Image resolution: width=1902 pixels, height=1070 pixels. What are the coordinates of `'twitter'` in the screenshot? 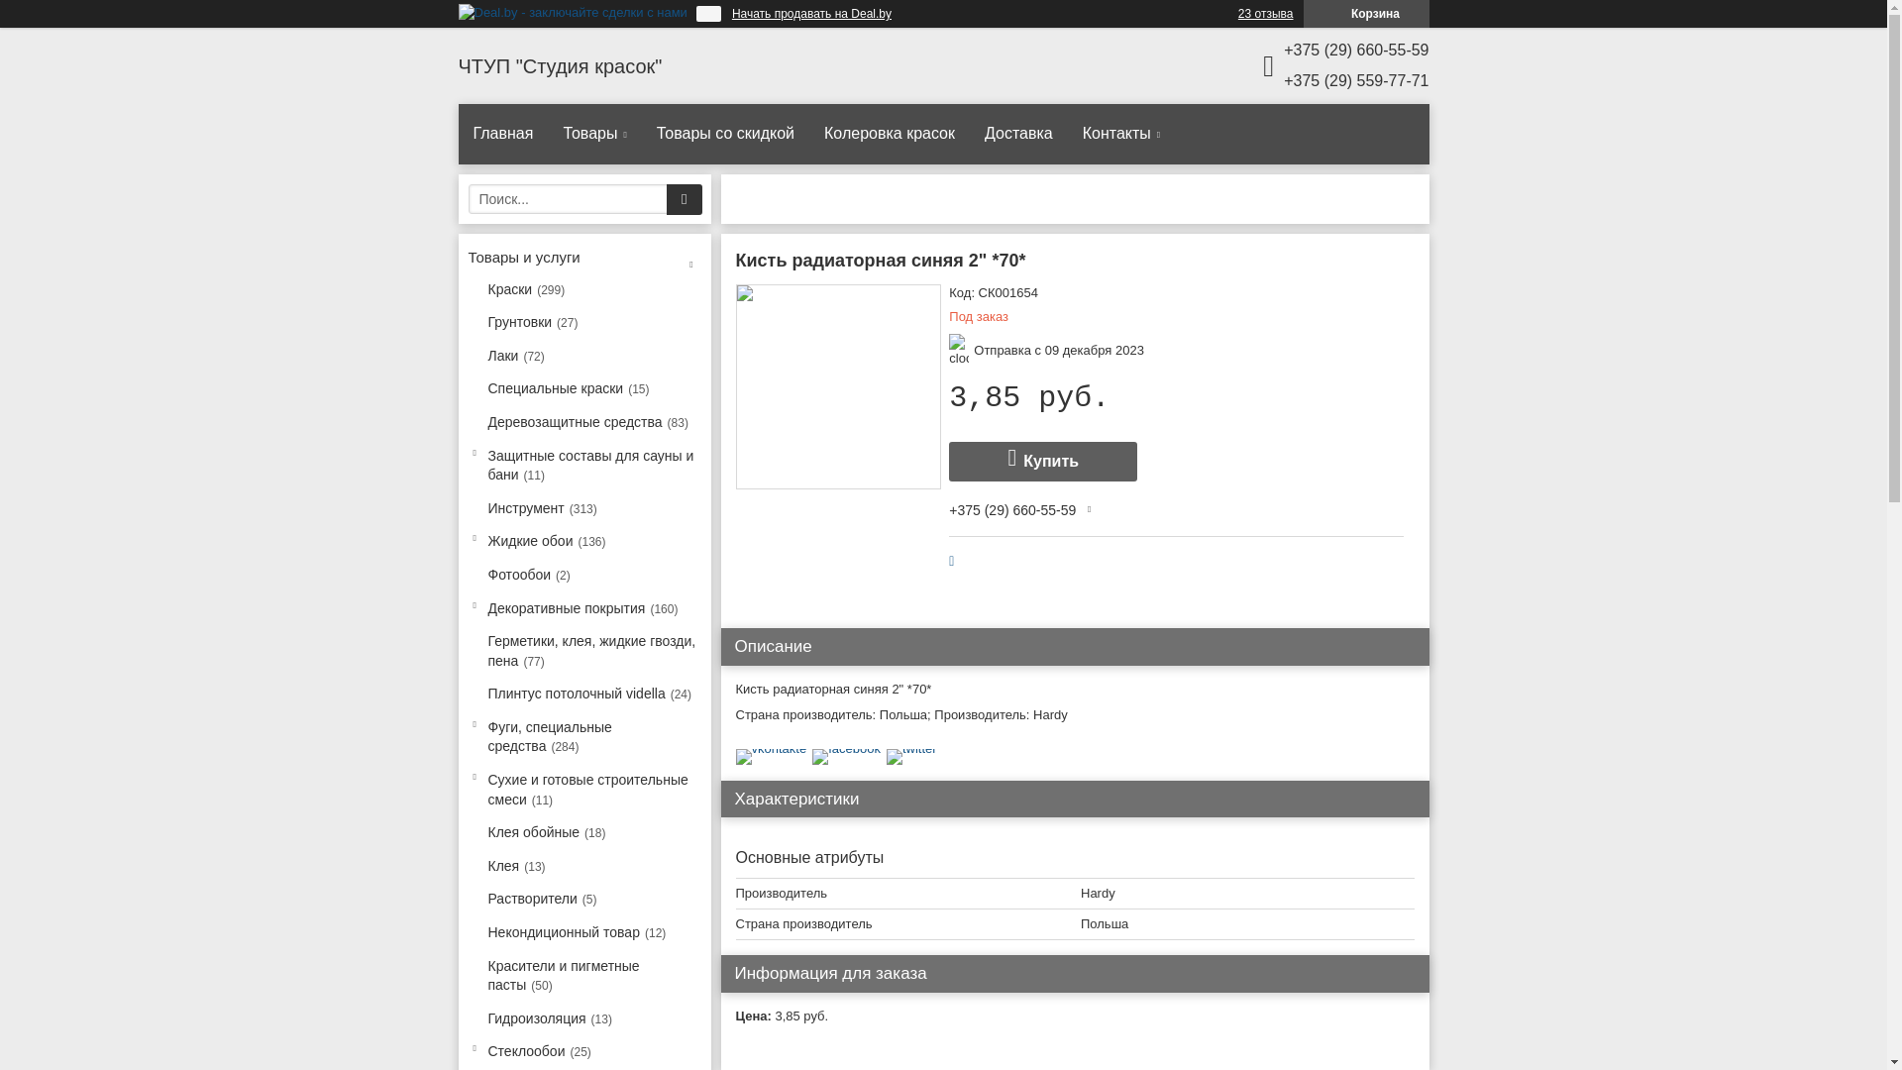 It's located at (910, 748).